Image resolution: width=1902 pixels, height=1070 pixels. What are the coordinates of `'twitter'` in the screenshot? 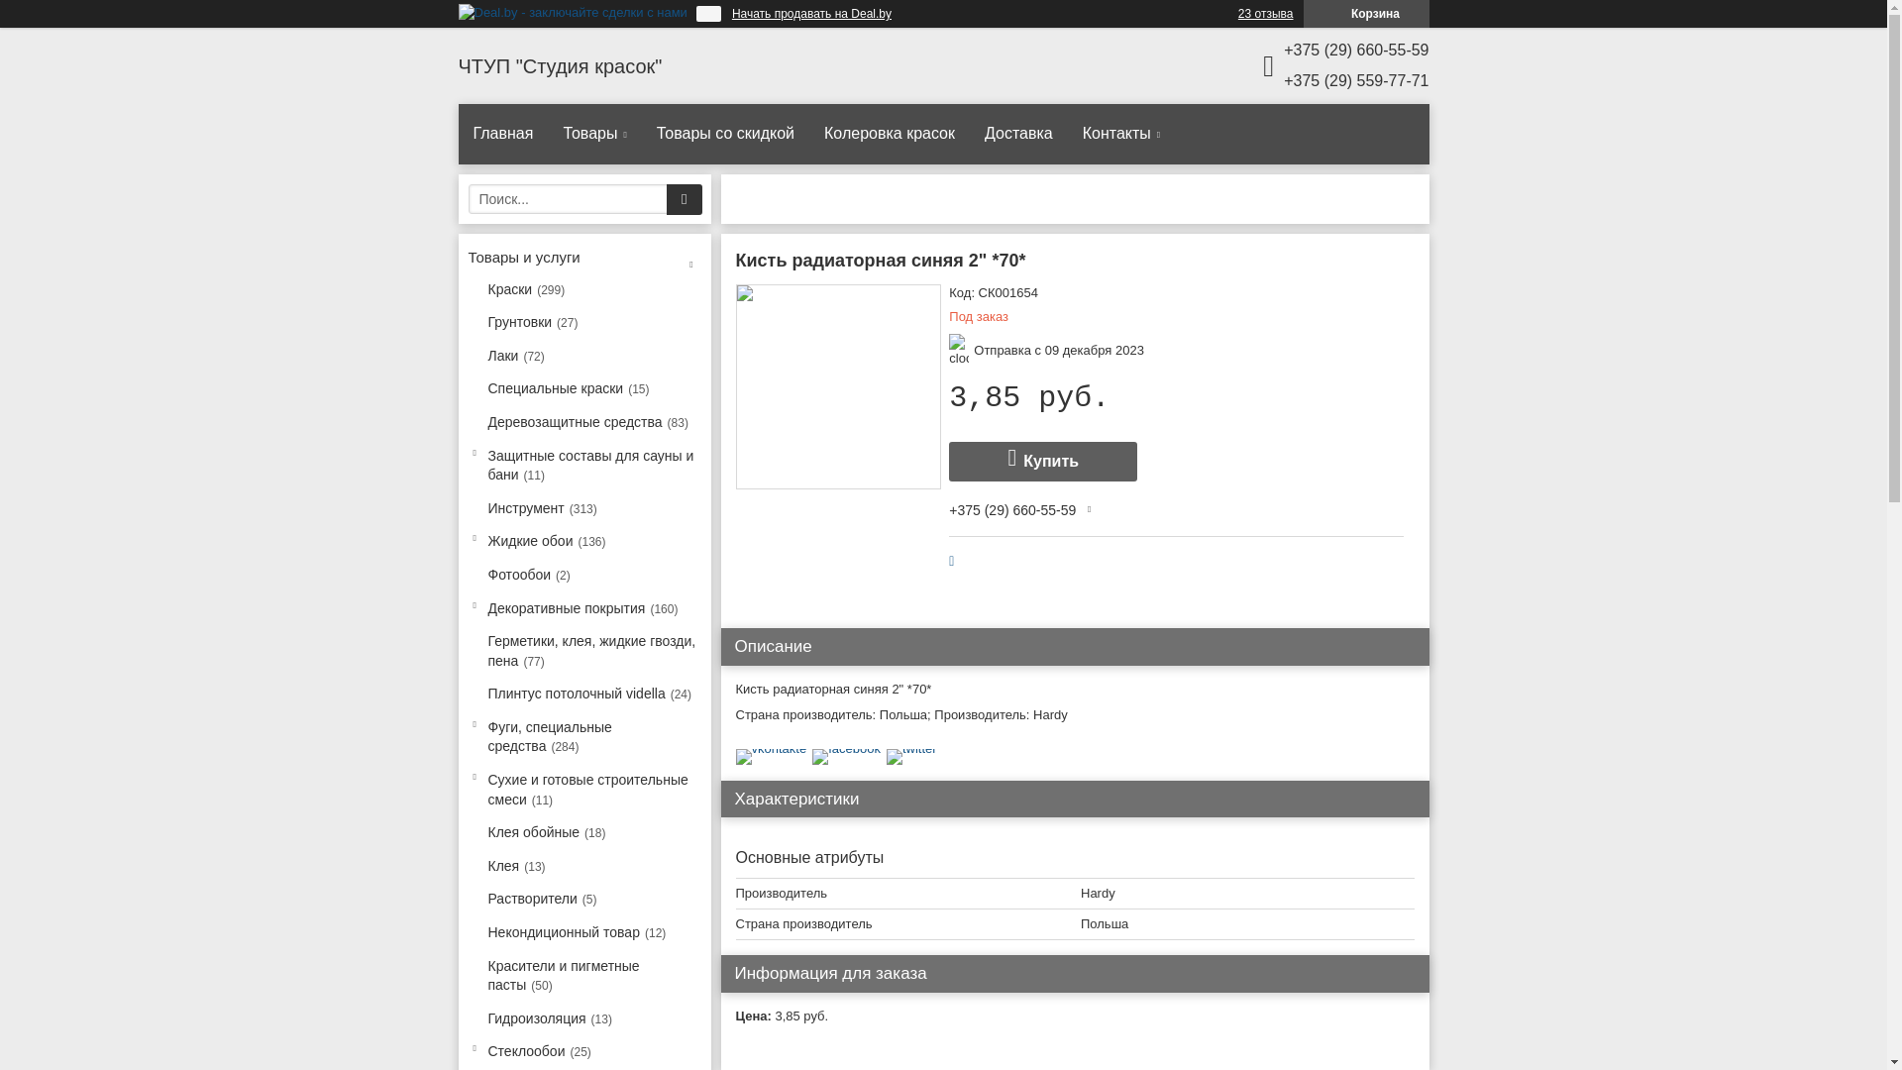 It's located at (910, 748).